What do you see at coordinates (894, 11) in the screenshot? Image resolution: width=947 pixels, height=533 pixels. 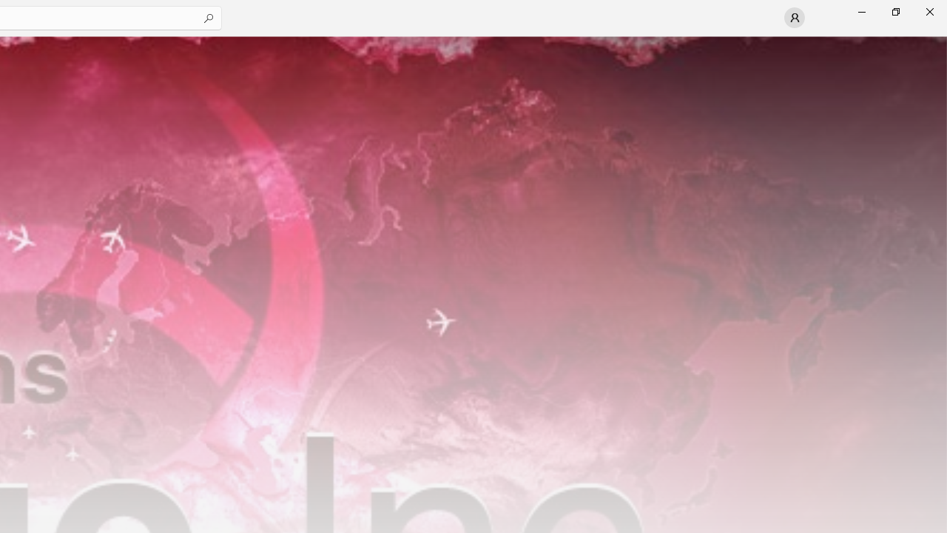 I see `'Restore Microsoft Store'` at bounding box center [894, 11].